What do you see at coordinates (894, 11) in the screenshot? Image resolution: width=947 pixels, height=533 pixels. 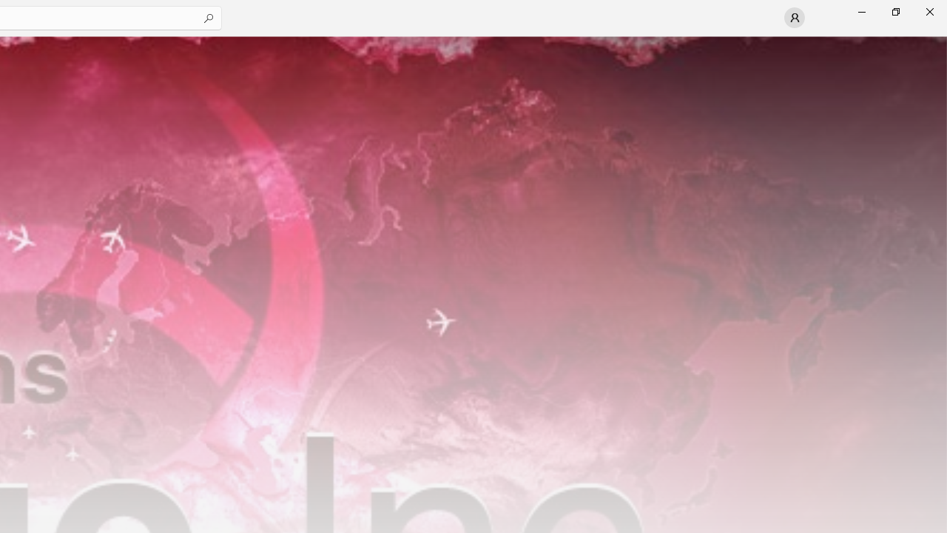 I see `'Restore Microsoft Store'` at bounding box center [894, 11].